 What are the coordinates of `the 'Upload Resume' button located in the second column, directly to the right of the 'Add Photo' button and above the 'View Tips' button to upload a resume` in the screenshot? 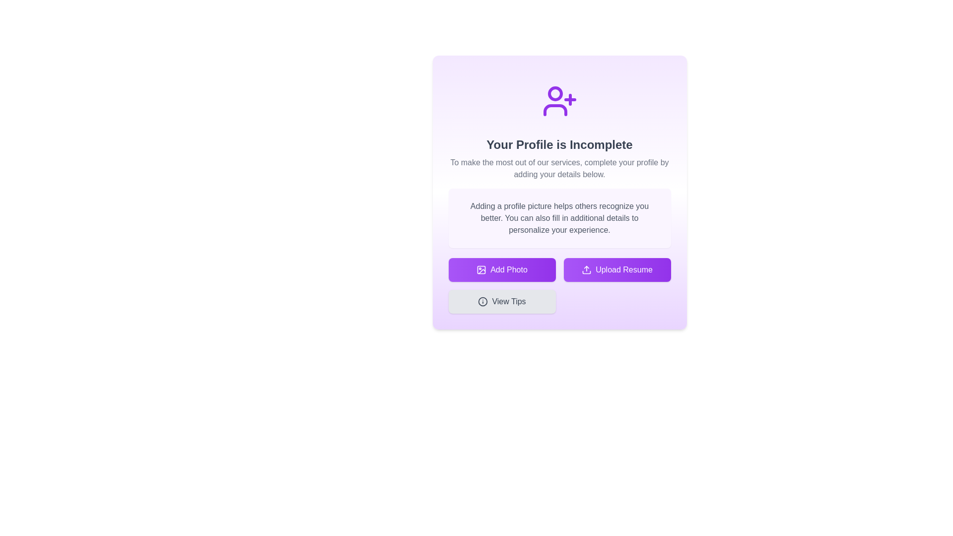 It's located at (616, 269).